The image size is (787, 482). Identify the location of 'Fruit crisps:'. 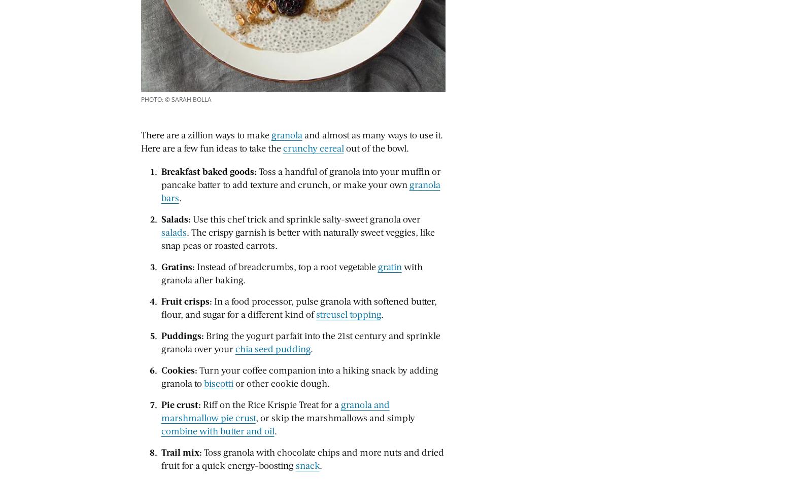
(186, 300).